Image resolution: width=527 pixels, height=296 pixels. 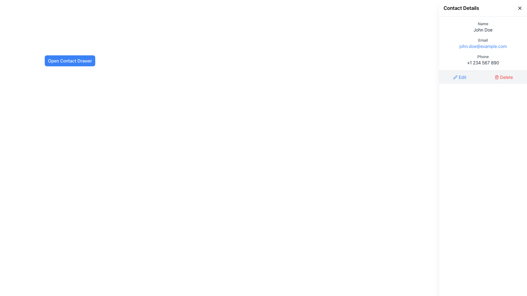 What do you see at coordinates (483, 30) in the screenshot?
I see `the static text element displaying 'John Doe', which is located beneath the 'Name' label in the 'Contact Details' section` at bounding box center [483, 30].